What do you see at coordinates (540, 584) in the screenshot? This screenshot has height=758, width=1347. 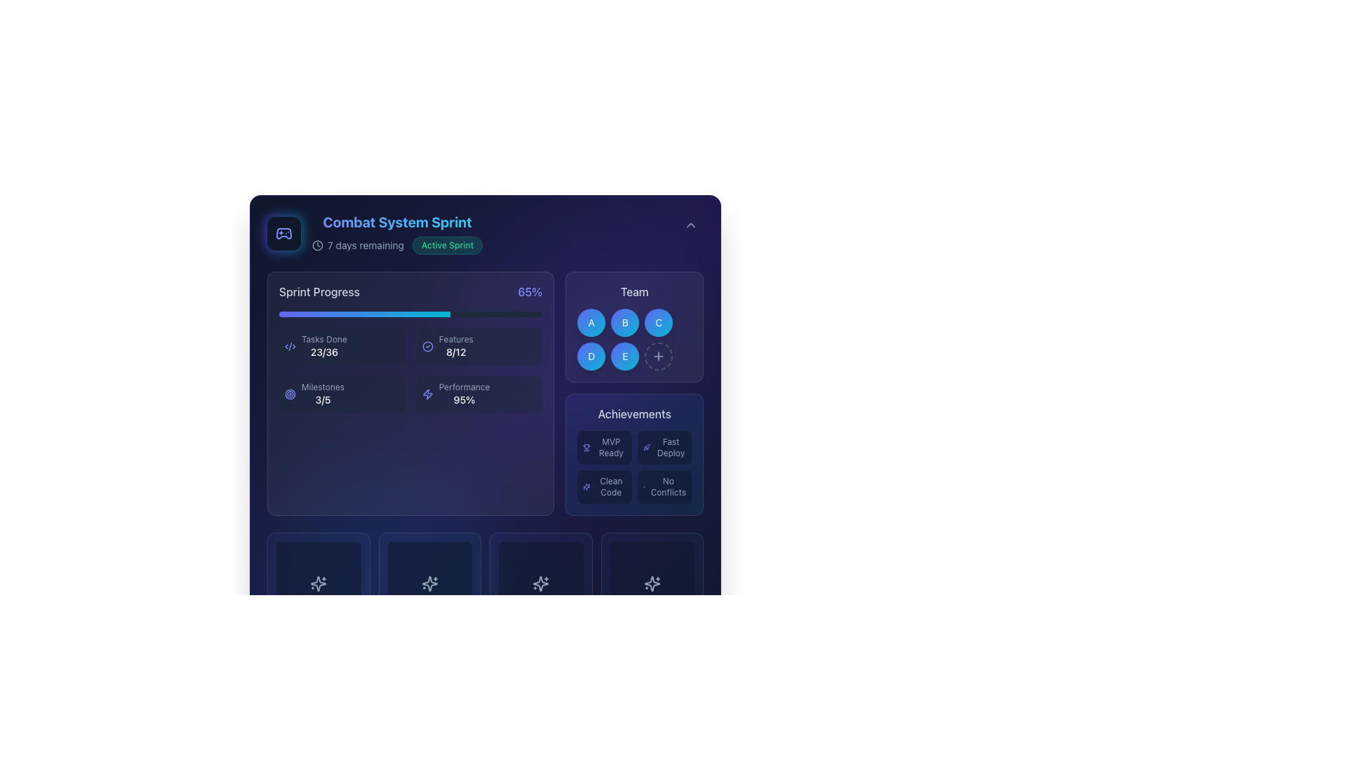 I see `the graphical icon resembling sparkles or stars, which is the third icon from the left in the second row of the grid, located below the 'Sprint Progress', 'Team', and 'Achievements' sections` at bounding box center [540, 584].